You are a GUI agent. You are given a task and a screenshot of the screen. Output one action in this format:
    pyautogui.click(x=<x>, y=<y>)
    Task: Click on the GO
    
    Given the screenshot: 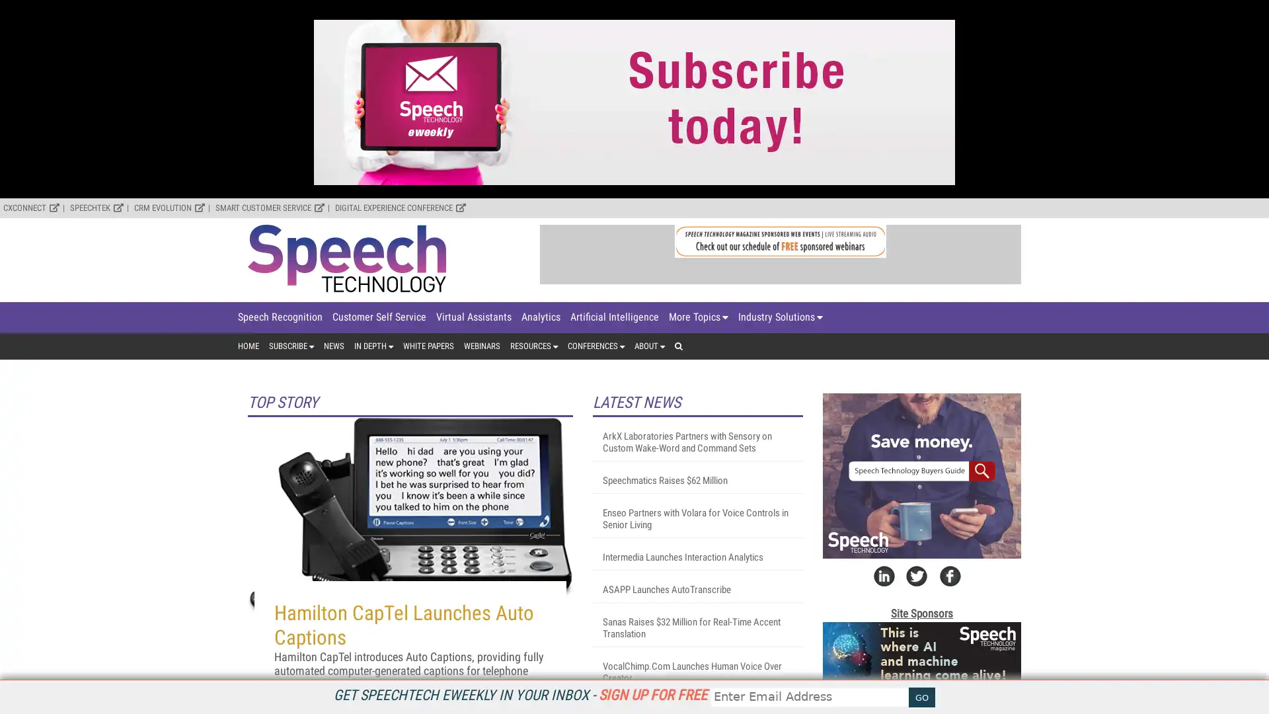 What is the action you would take?
    pyautogui.click(x=921, y=697)
    